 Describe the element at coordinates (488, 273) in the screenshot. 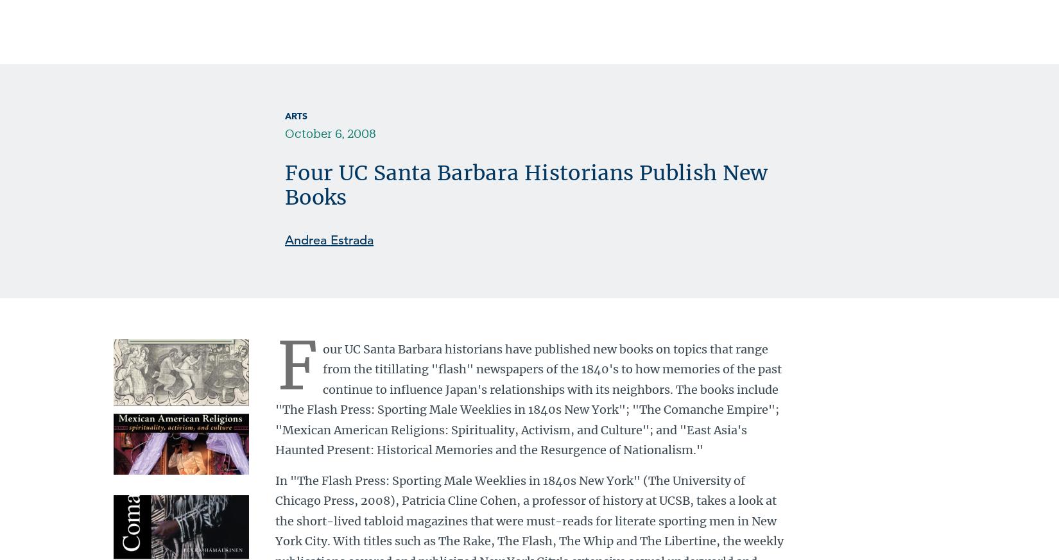

I see `'† Top photo: "The Flash Press: Sporting Male Weeklies in 1840's New York"'` at that location.